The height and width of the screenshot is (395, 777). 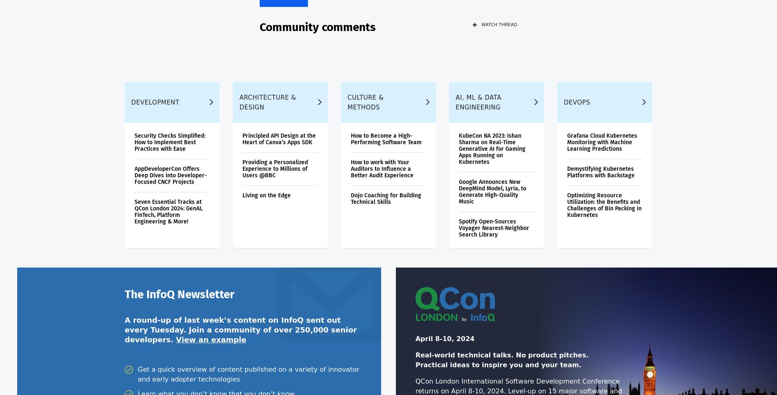 What do you see at coordinates (267, 107) in the screenshot?
I see `'Architecture & Design'` at bounding box center [267, 107].